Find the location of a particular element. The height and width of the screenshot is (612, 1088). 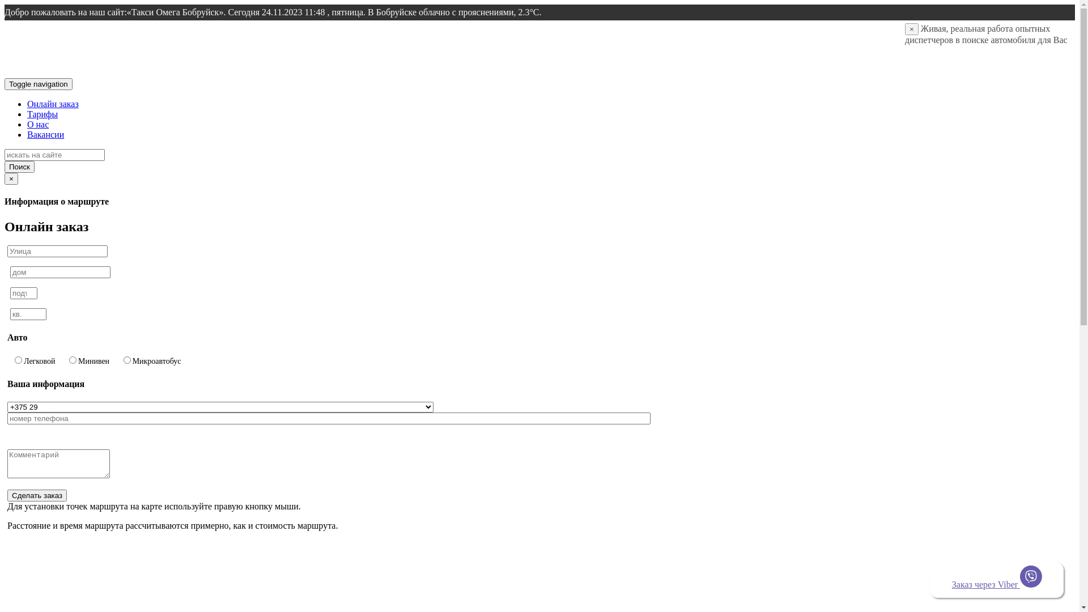

'Toggle navigation' is located at coordinates (38, 83).